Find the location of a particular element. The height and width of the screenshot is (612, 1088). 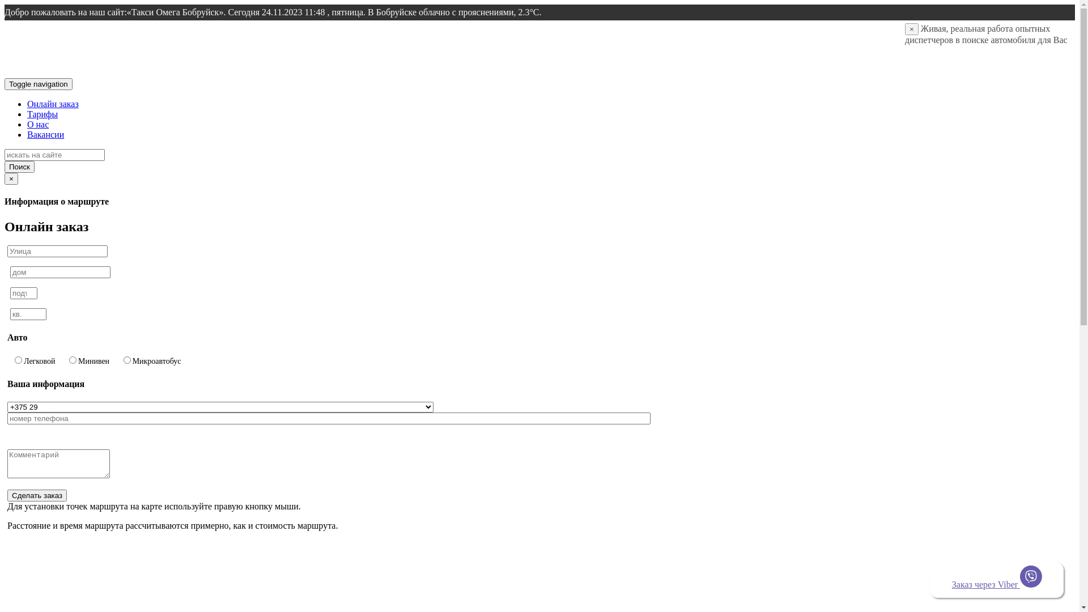

'Toggle navigation' is located at coordinates (38, 83).